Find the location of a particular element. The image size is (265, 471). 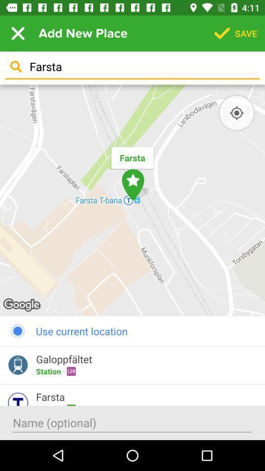

the use current location icon is located at coordinates (132, 331).